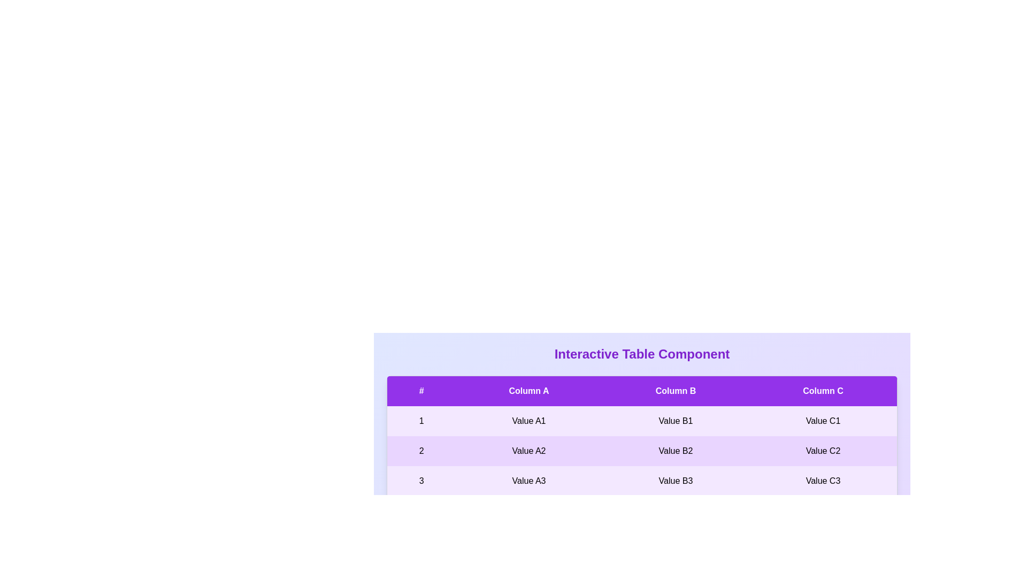 The height and width of the screenshot is (578, 1027). I want to click on the header of column Column A to sort the table by that column, so click(528, 391).